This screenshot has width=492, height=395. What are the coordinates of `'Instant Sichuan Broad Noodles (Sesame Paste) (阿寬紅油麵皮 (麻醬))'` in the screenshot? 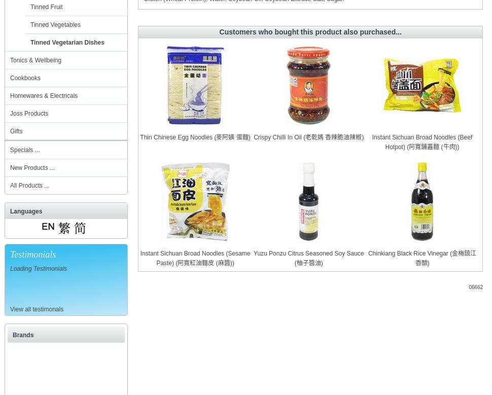 It's located at (194, 258).